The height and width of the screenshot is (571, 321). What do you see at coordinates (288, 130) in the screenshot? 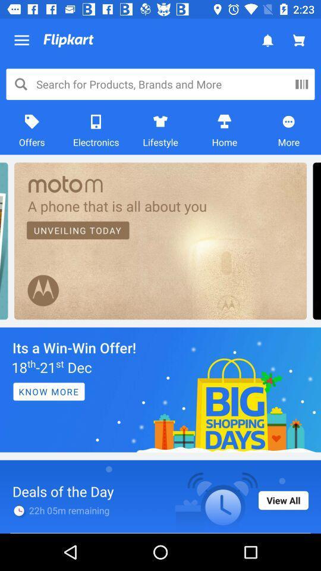
I see `more at the top` at bounding box center [288, 130].